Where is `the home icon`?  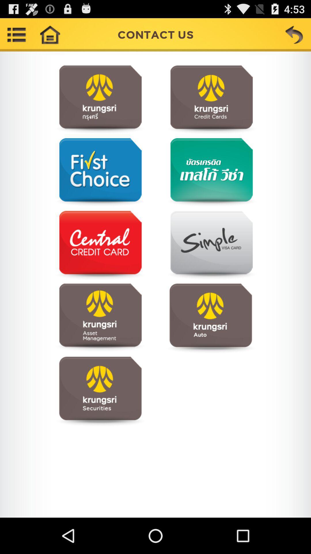
the home icon is located at coordinates (50, 37).